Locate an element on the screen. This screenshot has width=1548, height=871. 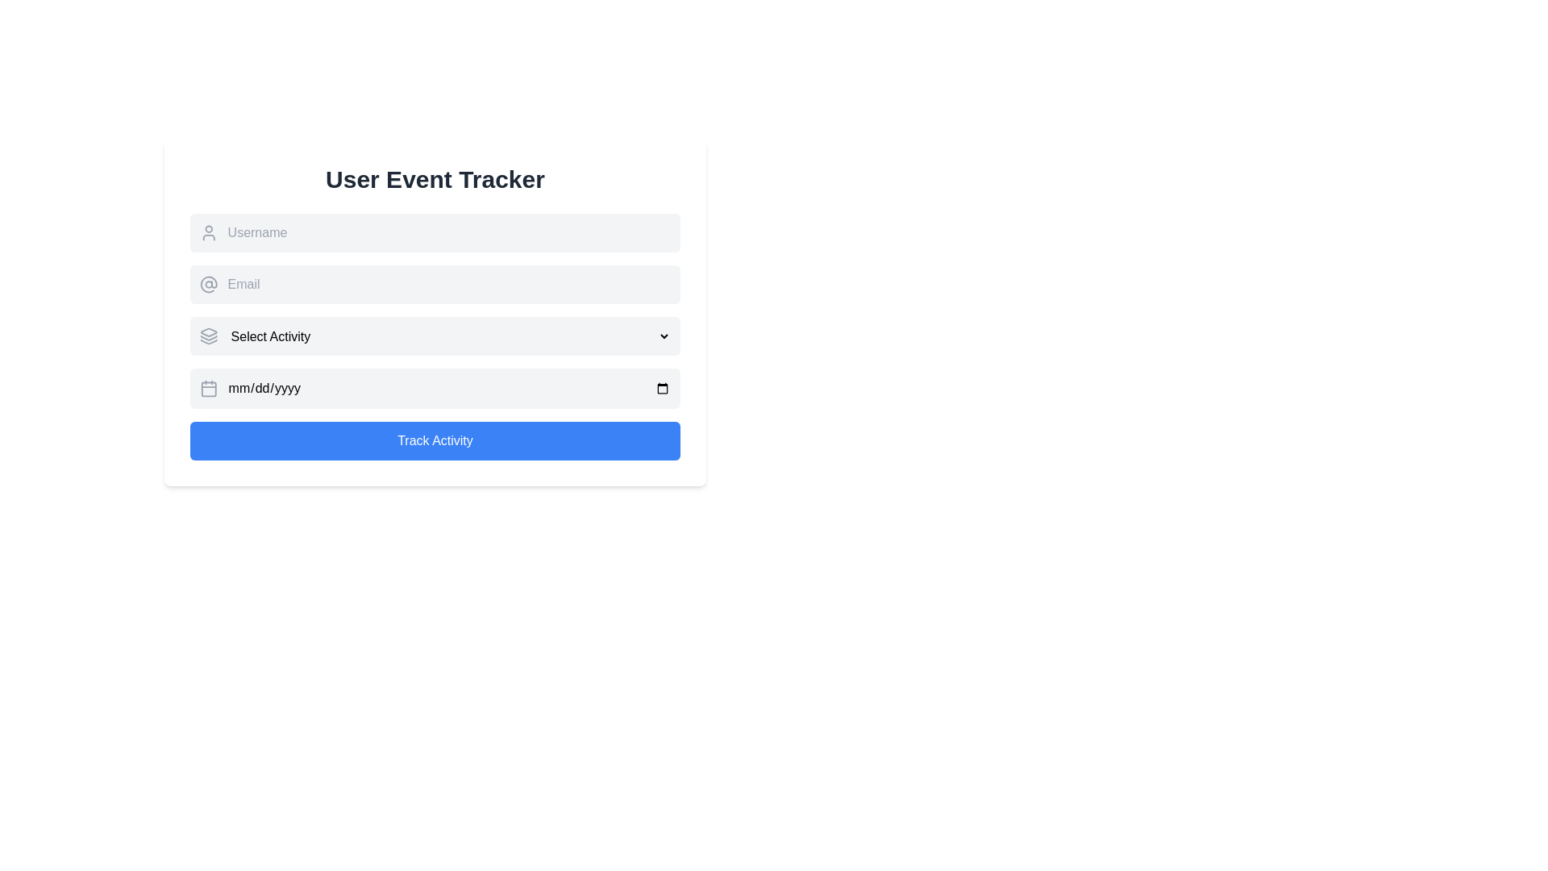
the small gray icon resembling a stack of layers, located immediately to the left of the 'Select Activity' dropdown text field is located at coordinates (208, 335).